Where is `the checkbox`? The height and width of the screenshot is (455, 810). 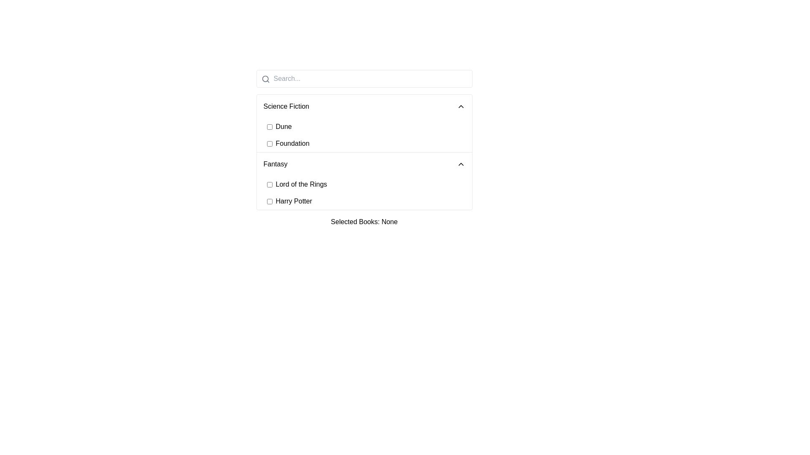 the checkbox is located at coordinates (269, 184).